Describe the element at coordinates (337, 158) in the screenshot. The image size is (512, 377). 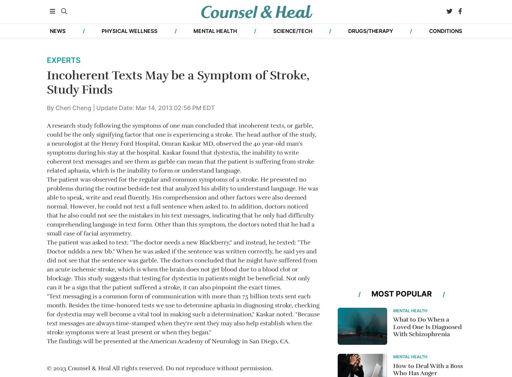
I see `'ASMR Beyond Sound Stimulation and Its Benefits'` at that location.